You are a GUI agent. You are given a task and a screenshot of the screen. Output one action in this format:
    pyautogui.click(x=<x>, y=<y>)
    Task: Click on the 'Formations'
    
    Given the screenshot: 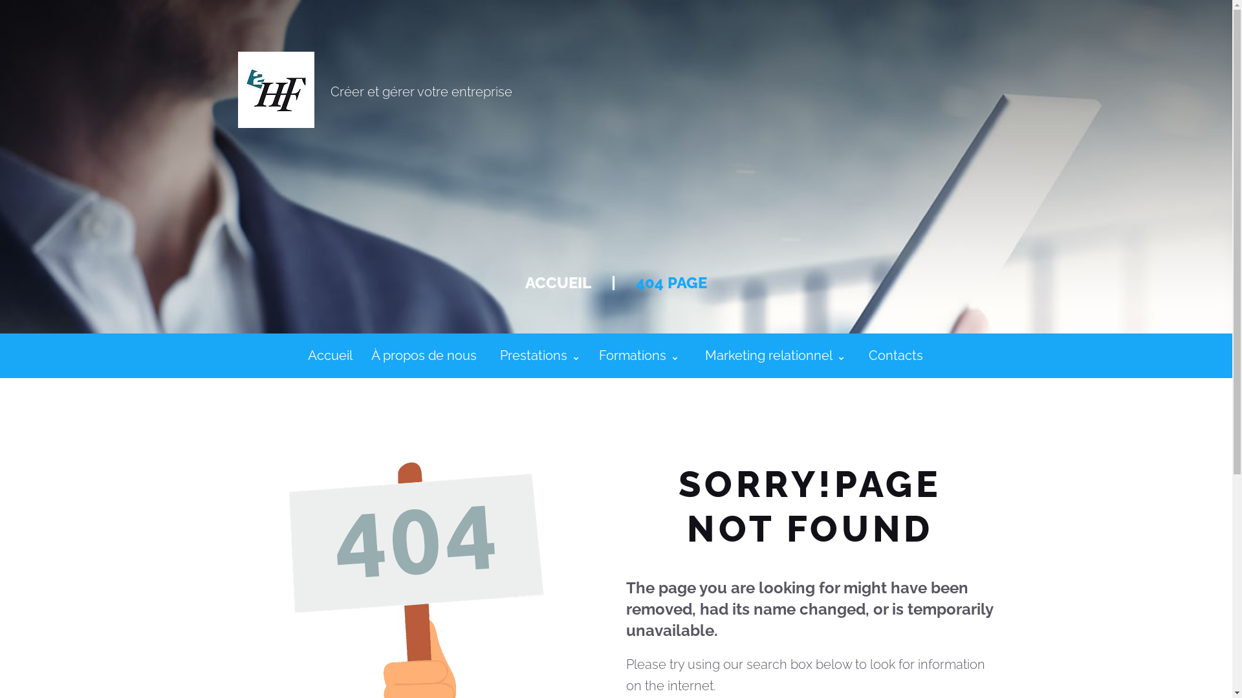 What is the action you would take?
    pyautogui.click(x=638, y=355)
    